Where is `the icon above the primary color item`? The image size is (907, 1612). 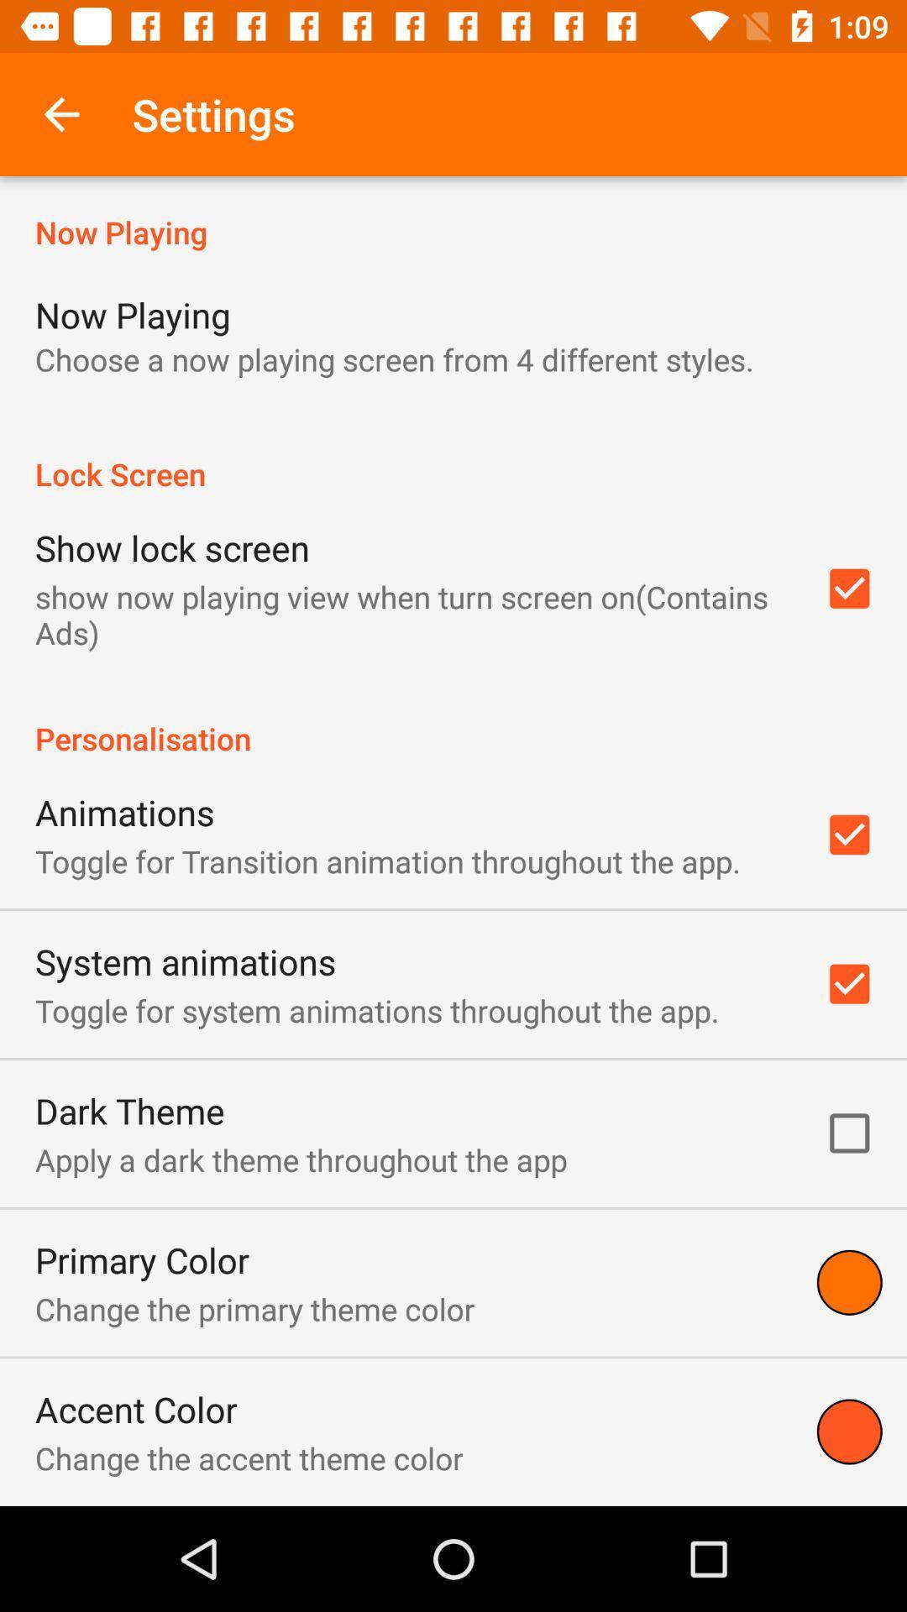
the icon above the primary color item is located at coordinates (300, 1159).